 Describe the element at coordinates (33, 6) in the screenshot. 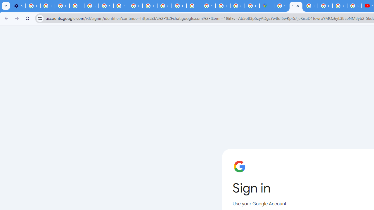

I see `'Delete photos & videos - Computer - Google Photos Help'` at that location.